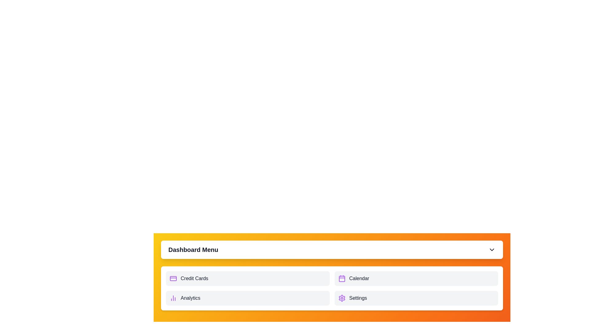 The image size is (590, 331). I want to click on the menu item Calendar to activate its hover effect, so click(416, 279).